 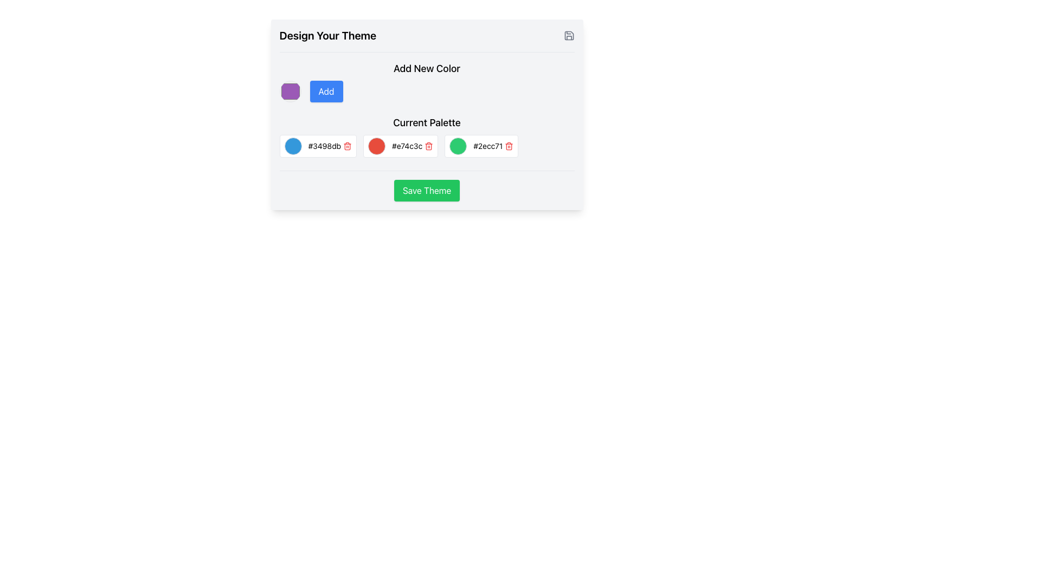 What do you see at coordinates (426, 135) in the screenshot?
I see `the second color entry in the 'Current Palette' section` at bounding box center [426, 135].